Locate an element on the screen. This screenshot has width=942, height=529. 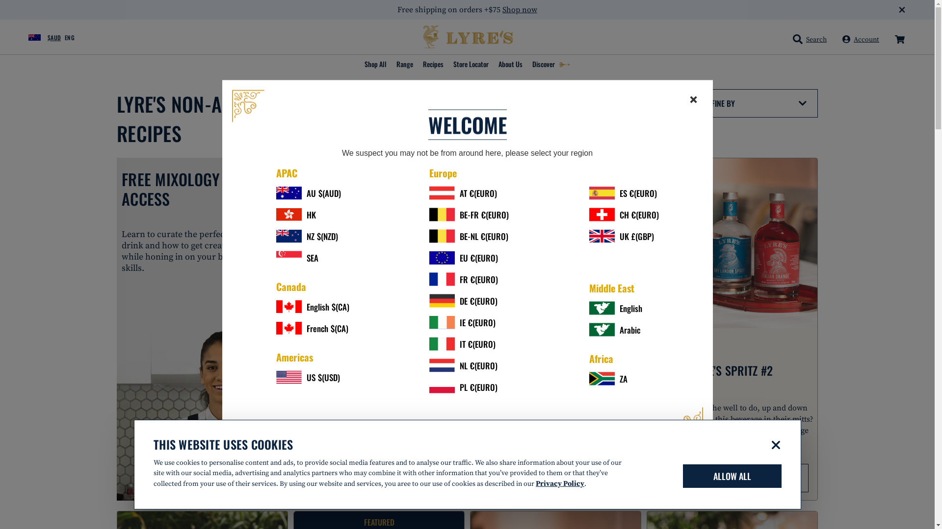
'VIEW RECIPE' is located at coordinates (732, 477).